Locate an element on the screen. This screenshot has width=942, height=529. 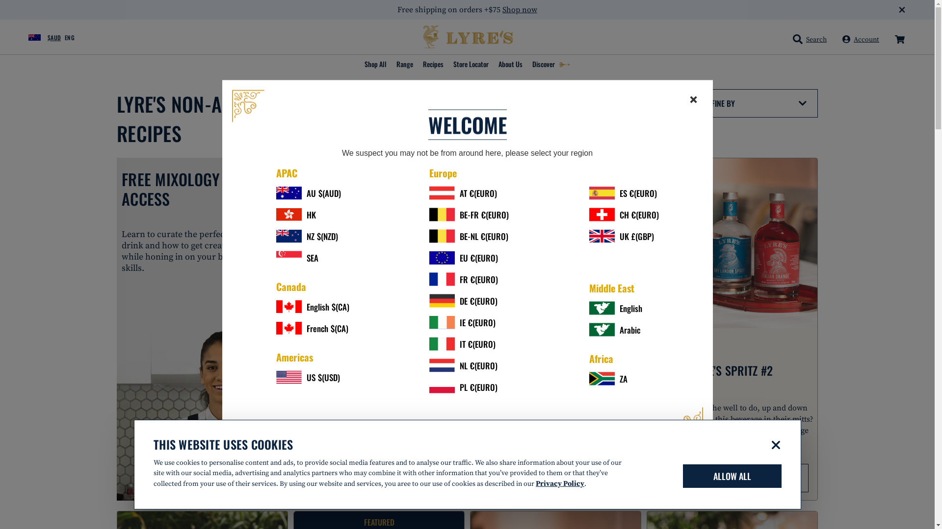
'VIEW RECIPE' is located at coordinates (732, 477).